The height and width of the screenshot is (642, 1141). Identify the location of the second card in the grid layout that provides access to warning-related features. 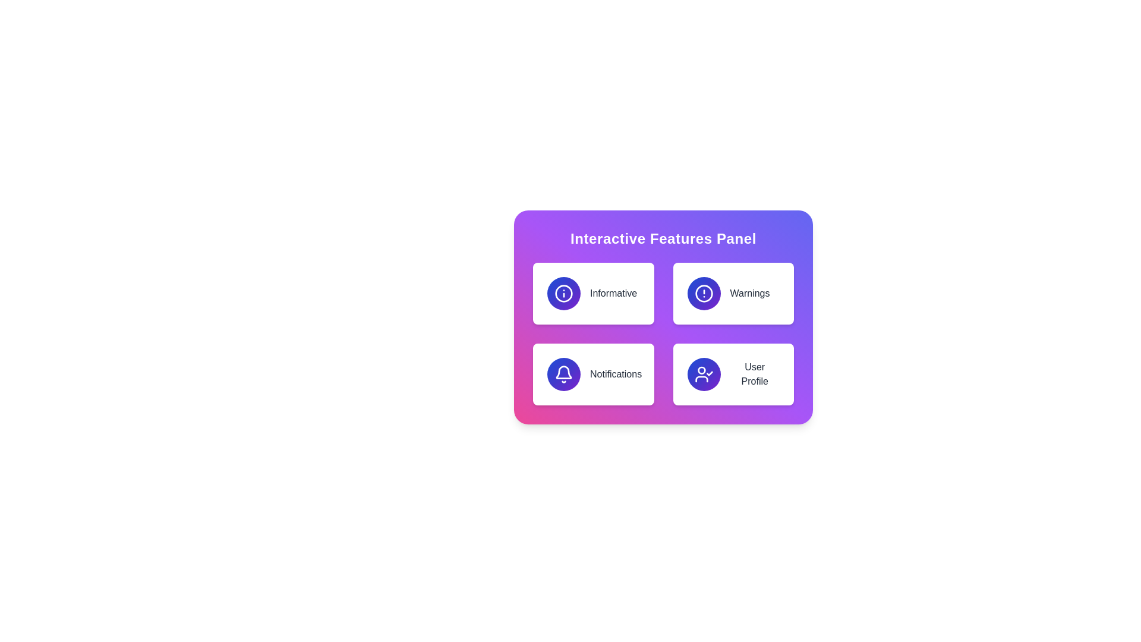
(732, 293).